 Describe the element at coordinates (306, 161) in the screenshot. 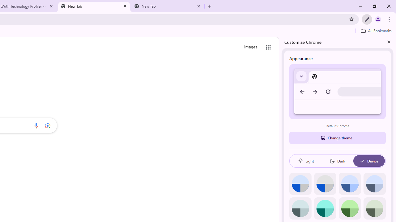

I see `'Light'` at that location.